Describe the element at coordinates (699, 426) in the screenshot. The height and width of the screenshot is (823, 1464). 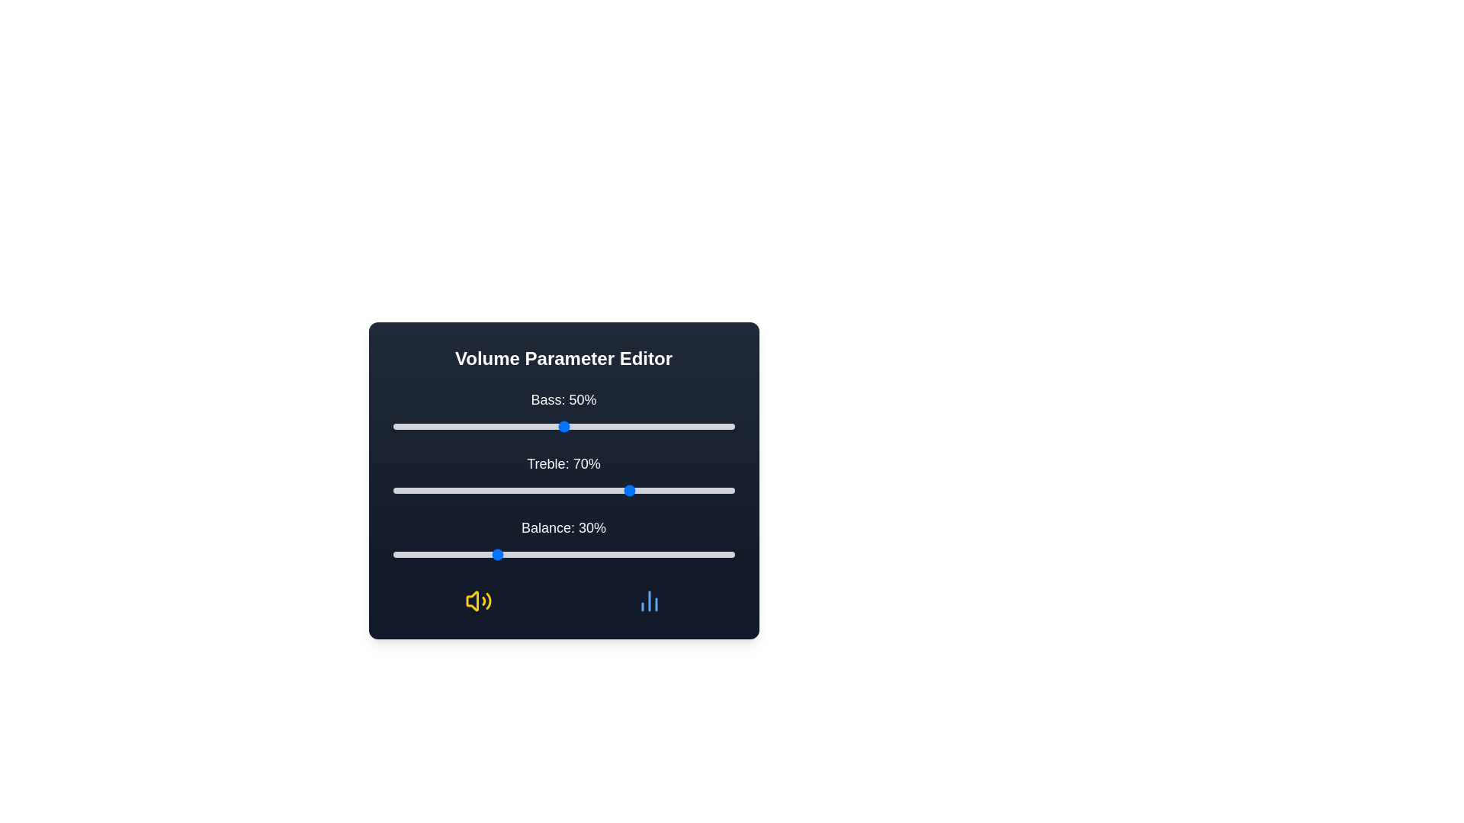
I see `the 0 slider to a value of 90%` at that location.